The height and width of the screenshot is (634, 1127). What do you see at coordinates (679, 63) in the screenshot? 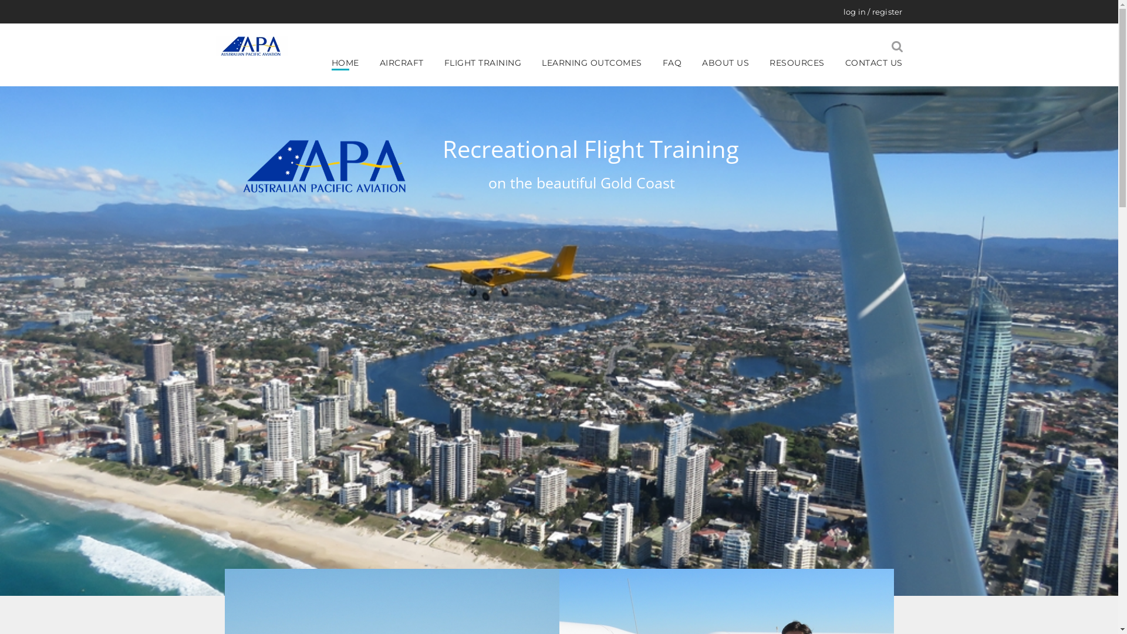
I see `'FAQ'` at bounding box center [679, 63].